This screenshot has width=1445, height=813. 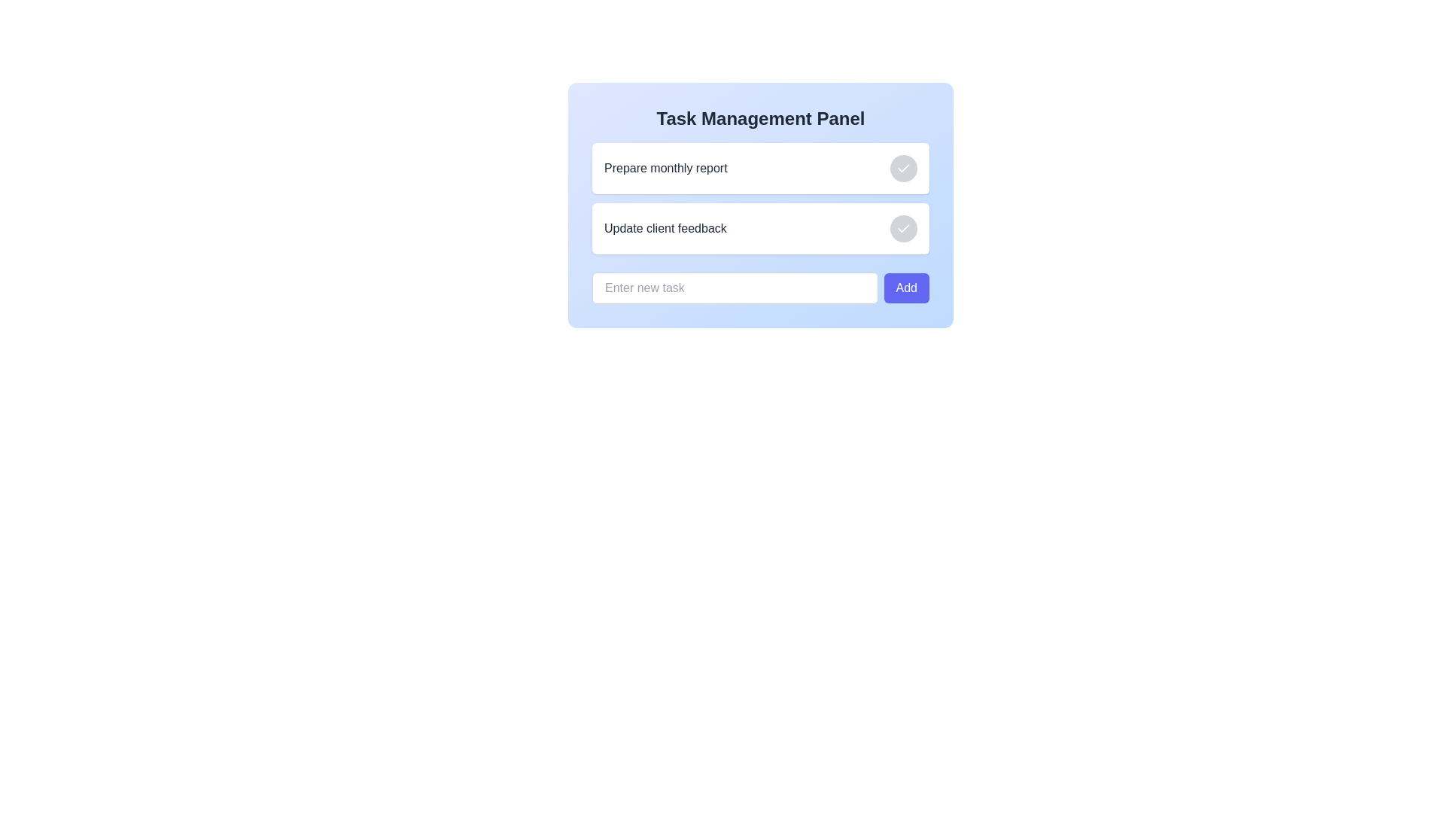 What do you see at coordinates (903, 228) in the screenshot?
I see `the appearance of the checkmark icon located at the right end of the first task item labeled 'Prepare monthly report'` at bounding box center [903, 228].